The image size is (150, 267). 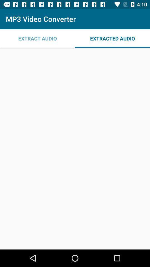 What do you see at coordinates (37, 38) in the screenshot?
I see `the item below mp3 video converter app` at bounding box center [37, 38].